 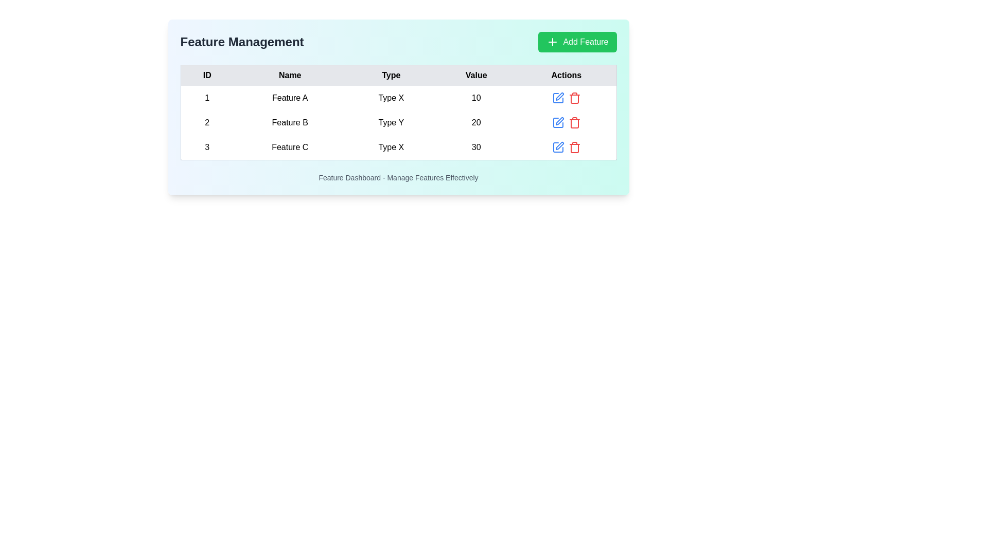 I want to click on the Table Header Cell containing the bold text 'Type' which is the third element in the table header row, so click(x=398, y=75).